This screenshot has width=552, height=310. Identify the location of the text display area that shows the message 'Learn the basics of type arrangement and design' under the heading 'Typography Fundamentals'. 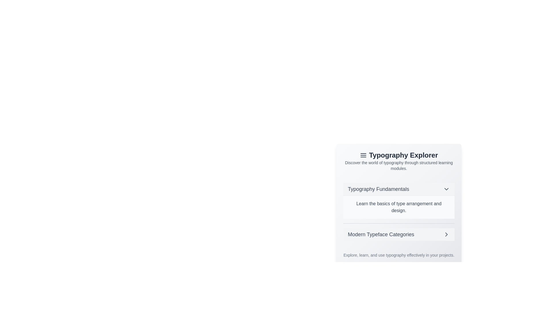
(398, 199).